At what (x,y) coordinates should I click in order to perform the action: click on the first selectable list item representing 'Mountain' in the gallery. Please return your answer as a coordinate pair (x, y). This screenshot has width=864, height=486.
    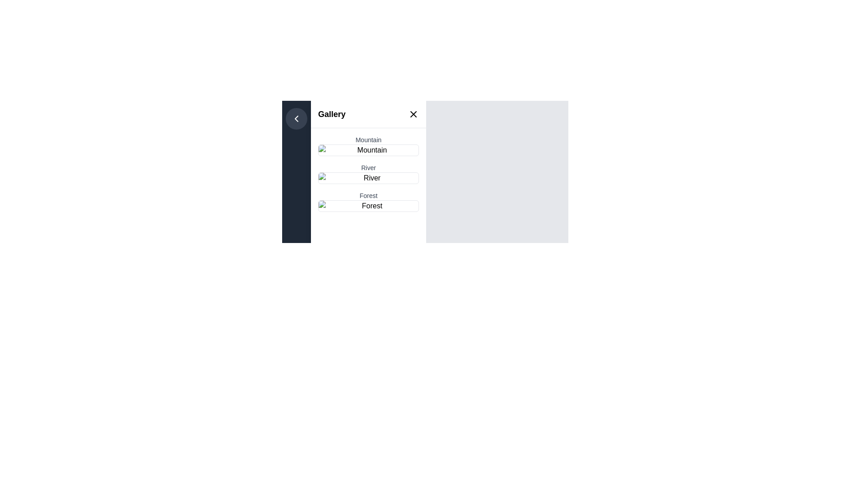
    Looking at the image, I should click on (369, 145).